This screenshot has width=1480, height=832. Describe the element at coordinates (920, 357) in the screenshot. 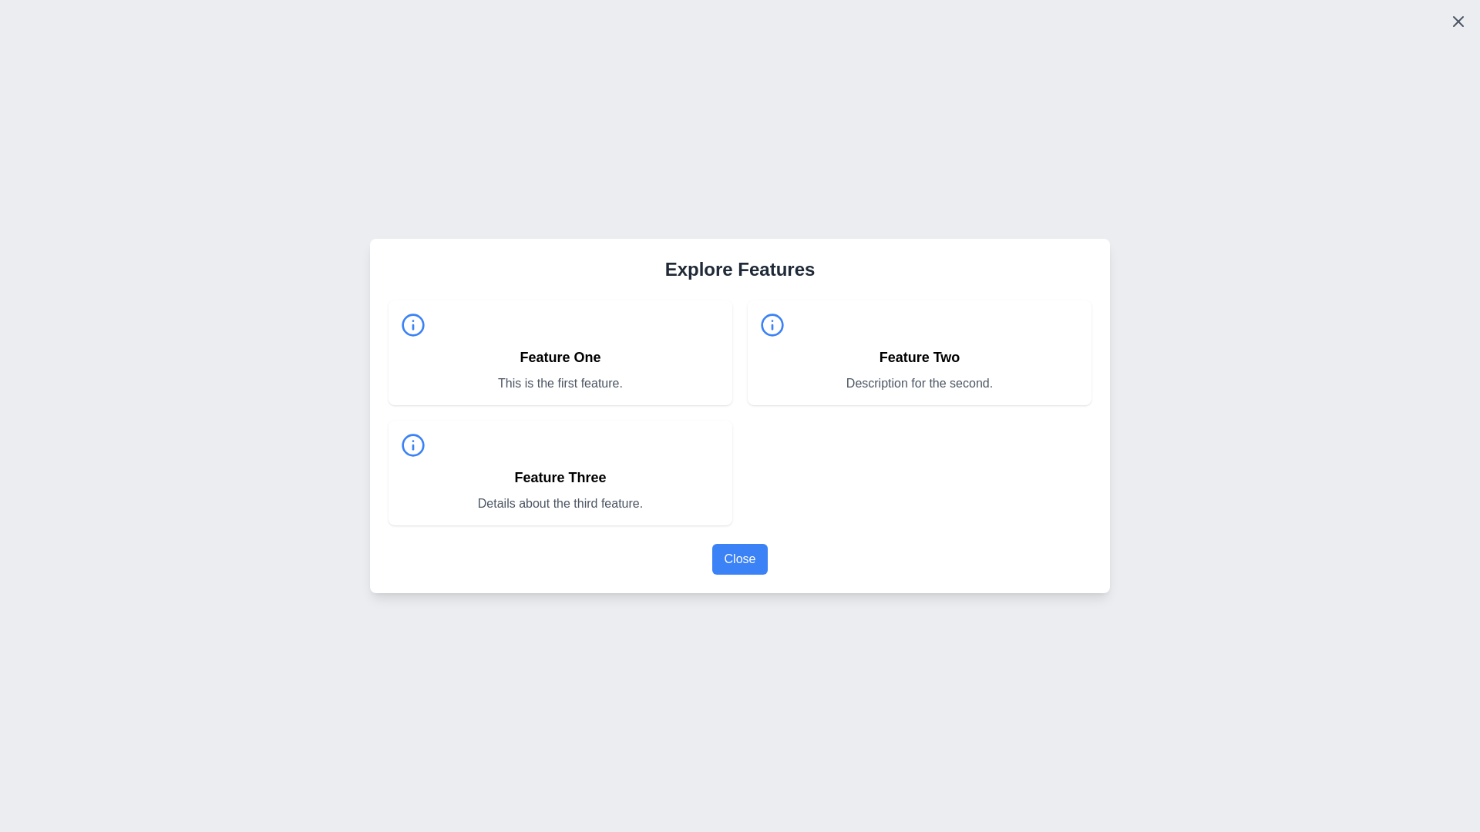

I see `the bold text label reading 'Feature Two' which is located centrally within the second feature card among a trio of horizontally aligned cards` at that location.